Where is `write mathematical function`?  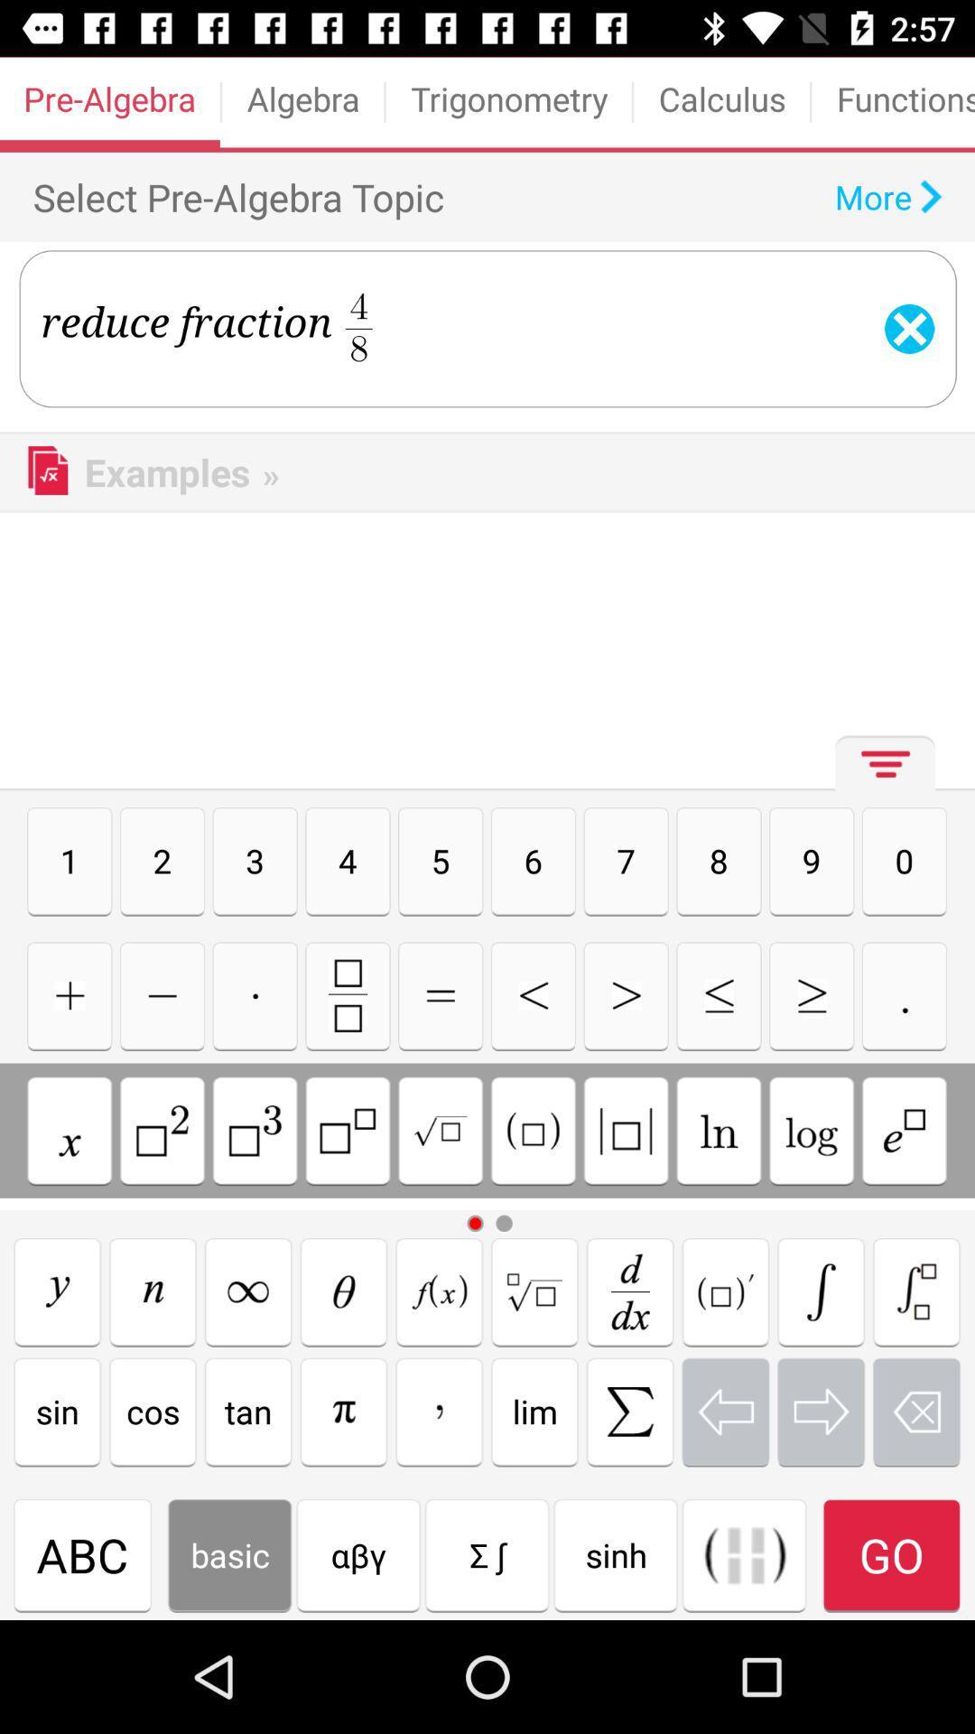 write mathematical function is located at coordinates (916, 1291).